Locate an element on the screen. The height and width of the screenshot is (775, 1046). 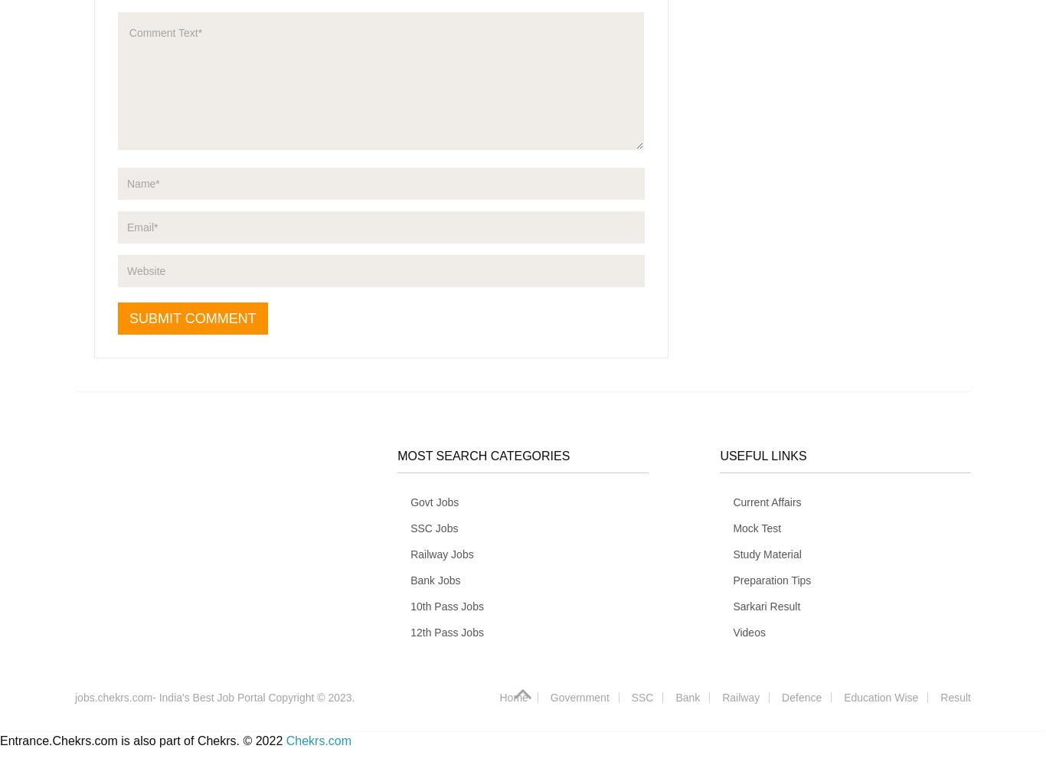
'Useful Links' is located at coordinates (763, 454).